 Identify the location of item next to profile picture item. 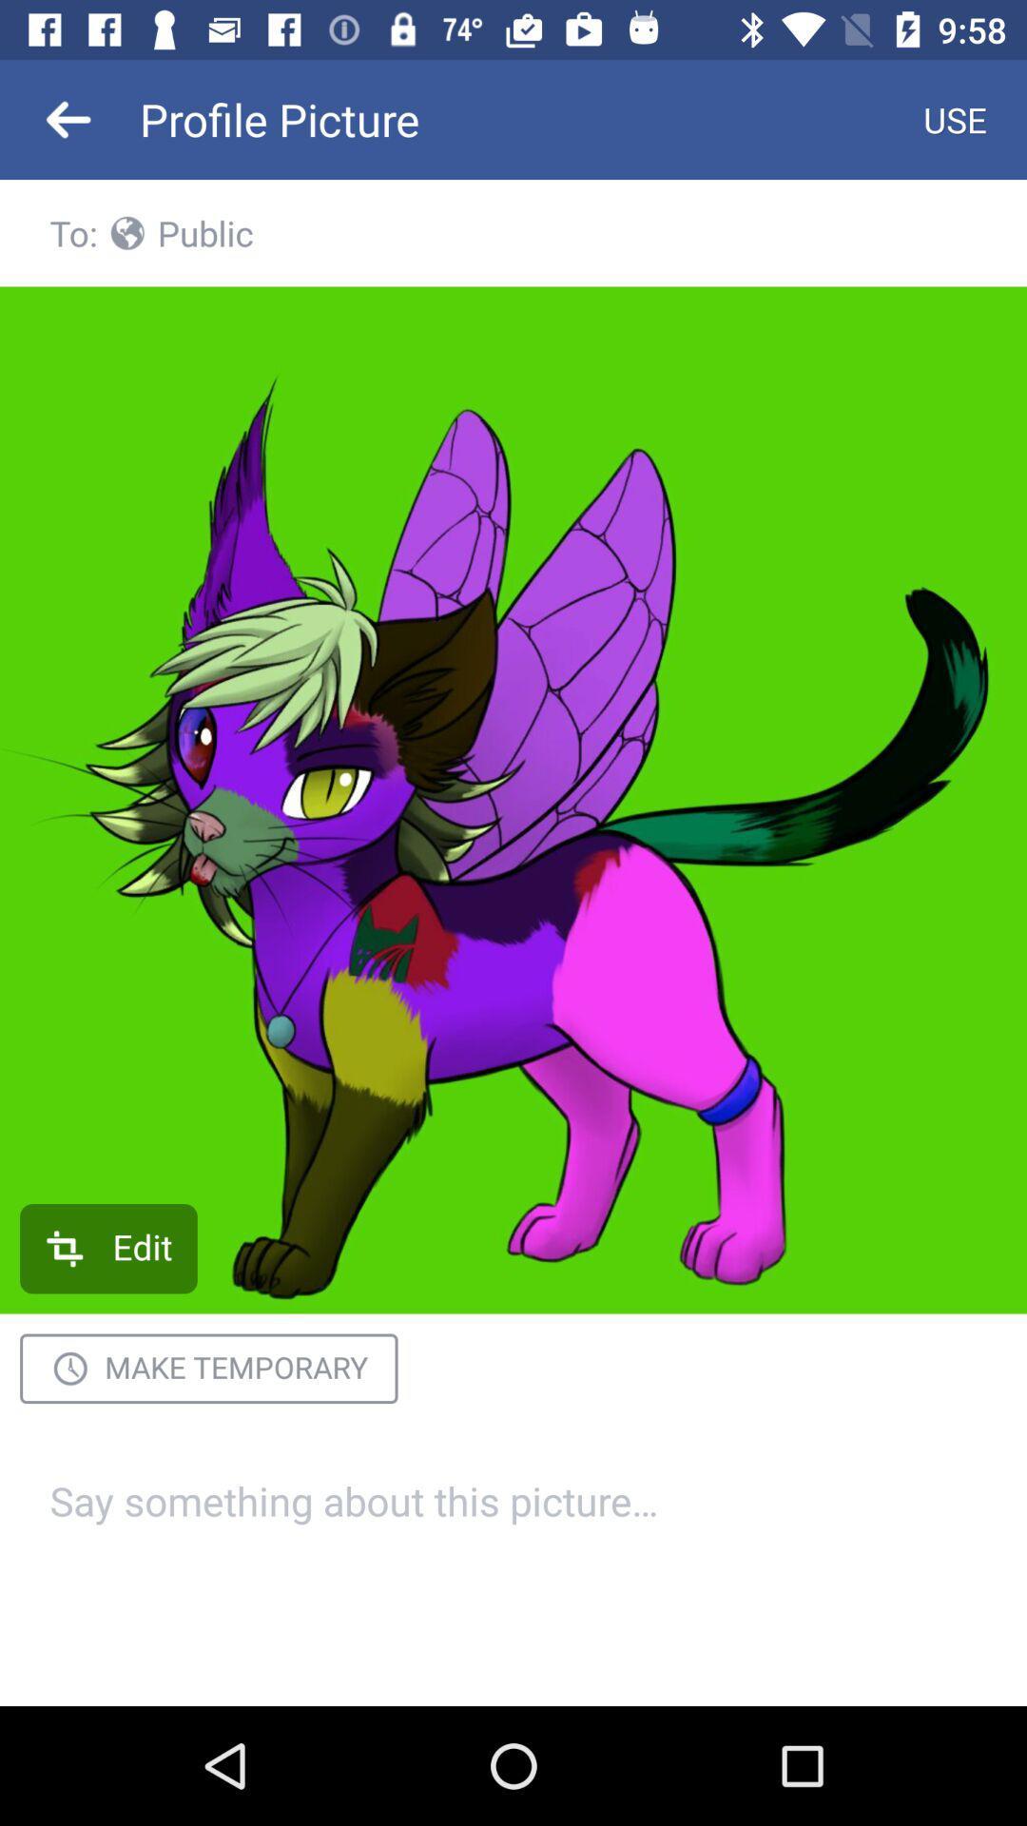
(68, 118).